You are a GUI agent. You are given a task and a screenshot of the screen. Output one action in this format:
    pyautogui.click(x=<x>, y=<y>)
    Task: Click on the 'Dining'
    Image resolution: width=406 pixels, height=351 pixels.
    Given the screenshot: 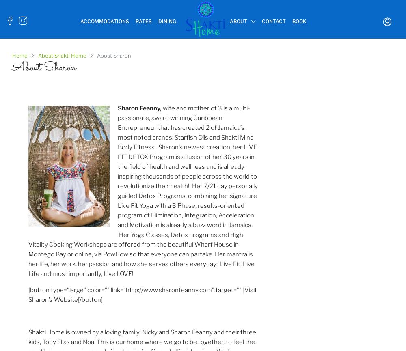 What is the action you would take?
    pyautogui.click(x=167, y=21)
    